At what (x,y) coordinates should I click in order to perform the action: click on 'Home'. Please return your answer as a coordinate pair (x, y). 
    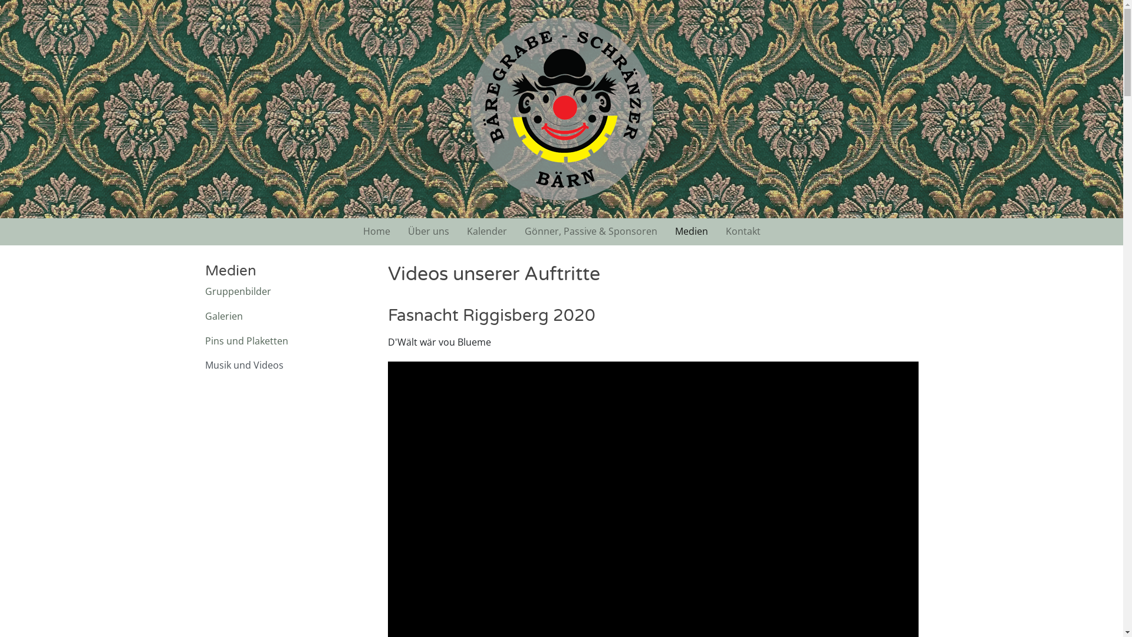
    Looking at the image, I should click on (353, 232).